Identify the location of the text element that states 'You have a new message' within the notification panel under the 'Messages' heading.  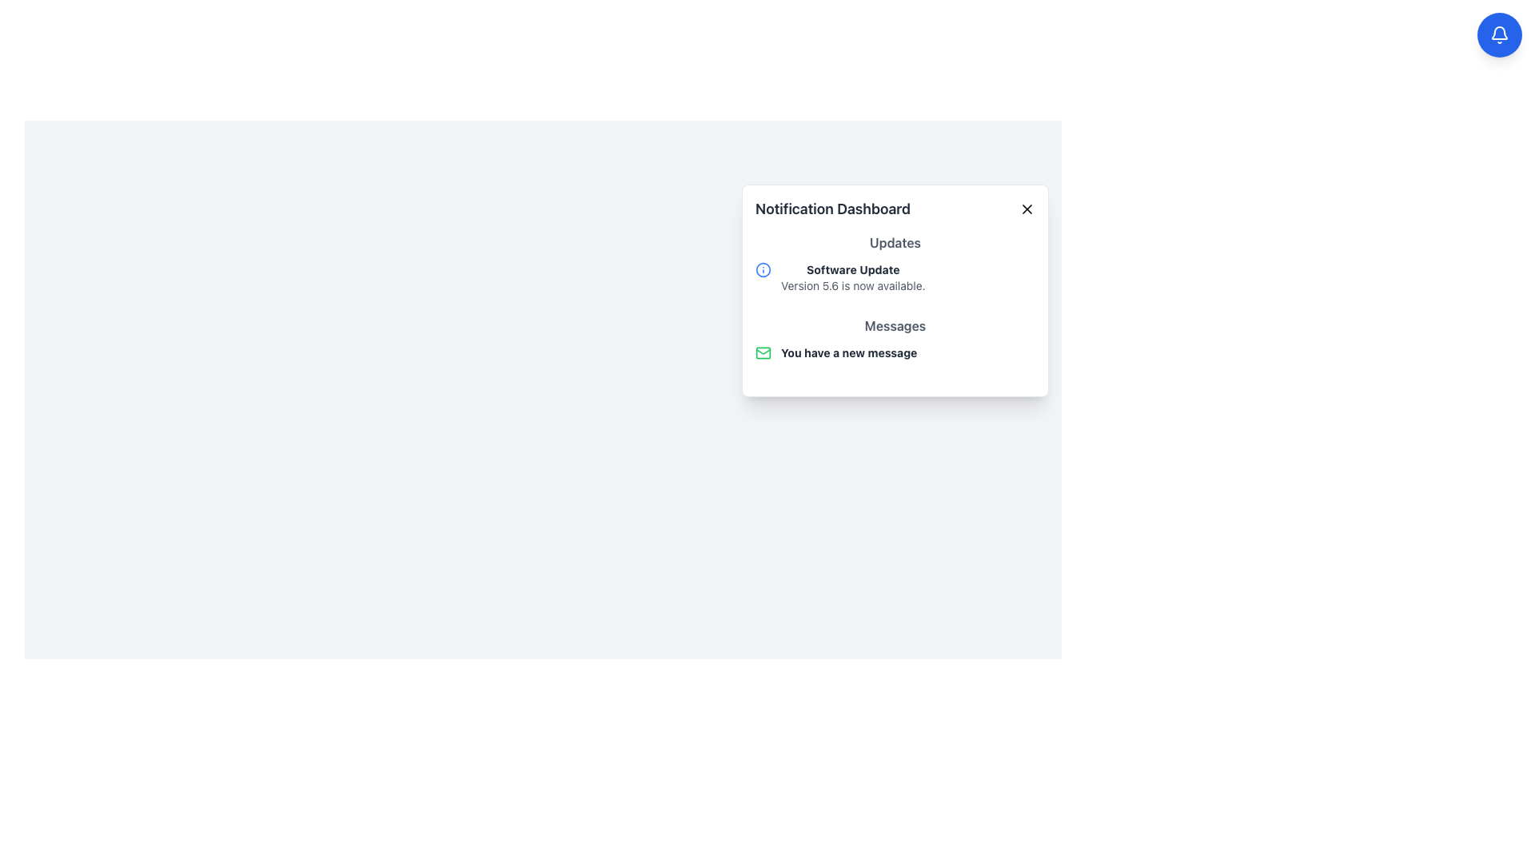
(848, 352).